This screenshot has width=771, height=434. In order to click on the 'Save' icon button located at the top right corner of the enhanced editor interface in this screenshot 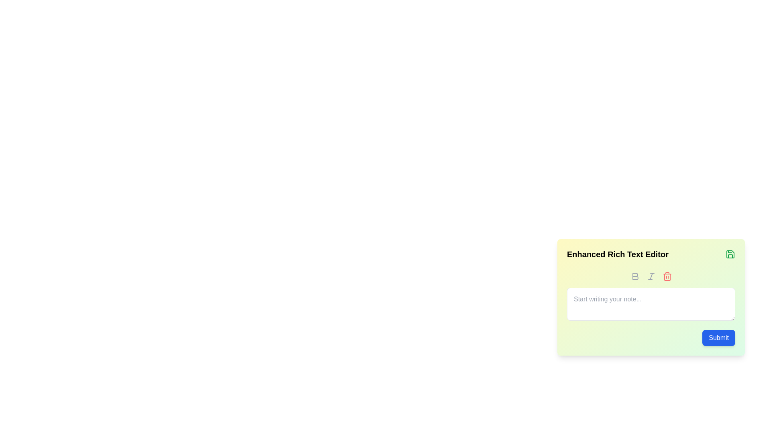, I will do `click(730, 254)`.